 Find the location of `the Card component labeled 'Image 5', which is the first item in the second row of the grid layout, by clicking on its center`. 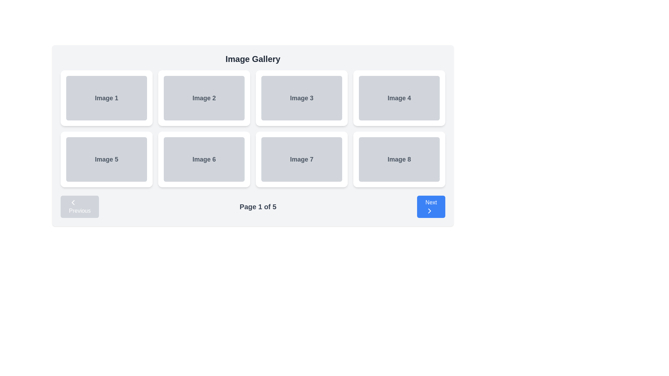

the Card component labeled 'Image 5', which is the first item in the second row of the grid layout, by clicking on its center is located at coordinates (106, 159).